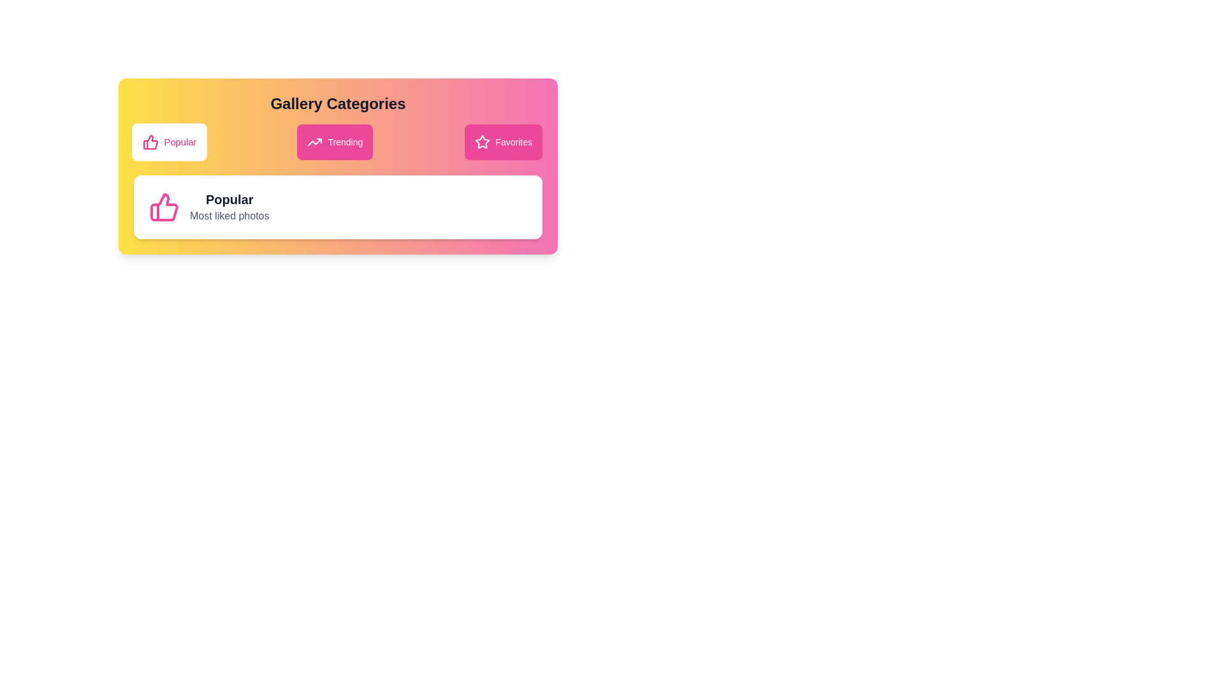 Image resolution: width=1224 pixels, height=689 pixels. What do you see at coordinates (503, 142) in the screenshot?
I see `the 'Favorites' button, which is the third button in the sequence under the 'Gallery Categories' header` at bounding box center [503, 142].